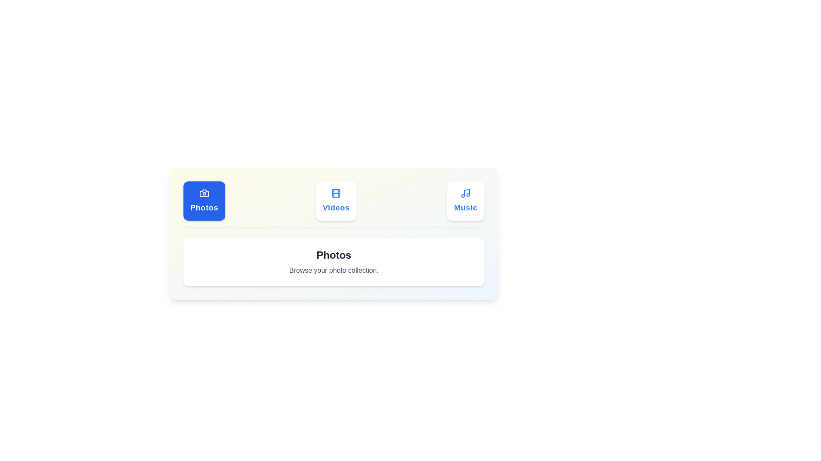  Describe the element at coordinates (336, 201) in the screenshot. I see `the Videos tab from the media browser` at that location.